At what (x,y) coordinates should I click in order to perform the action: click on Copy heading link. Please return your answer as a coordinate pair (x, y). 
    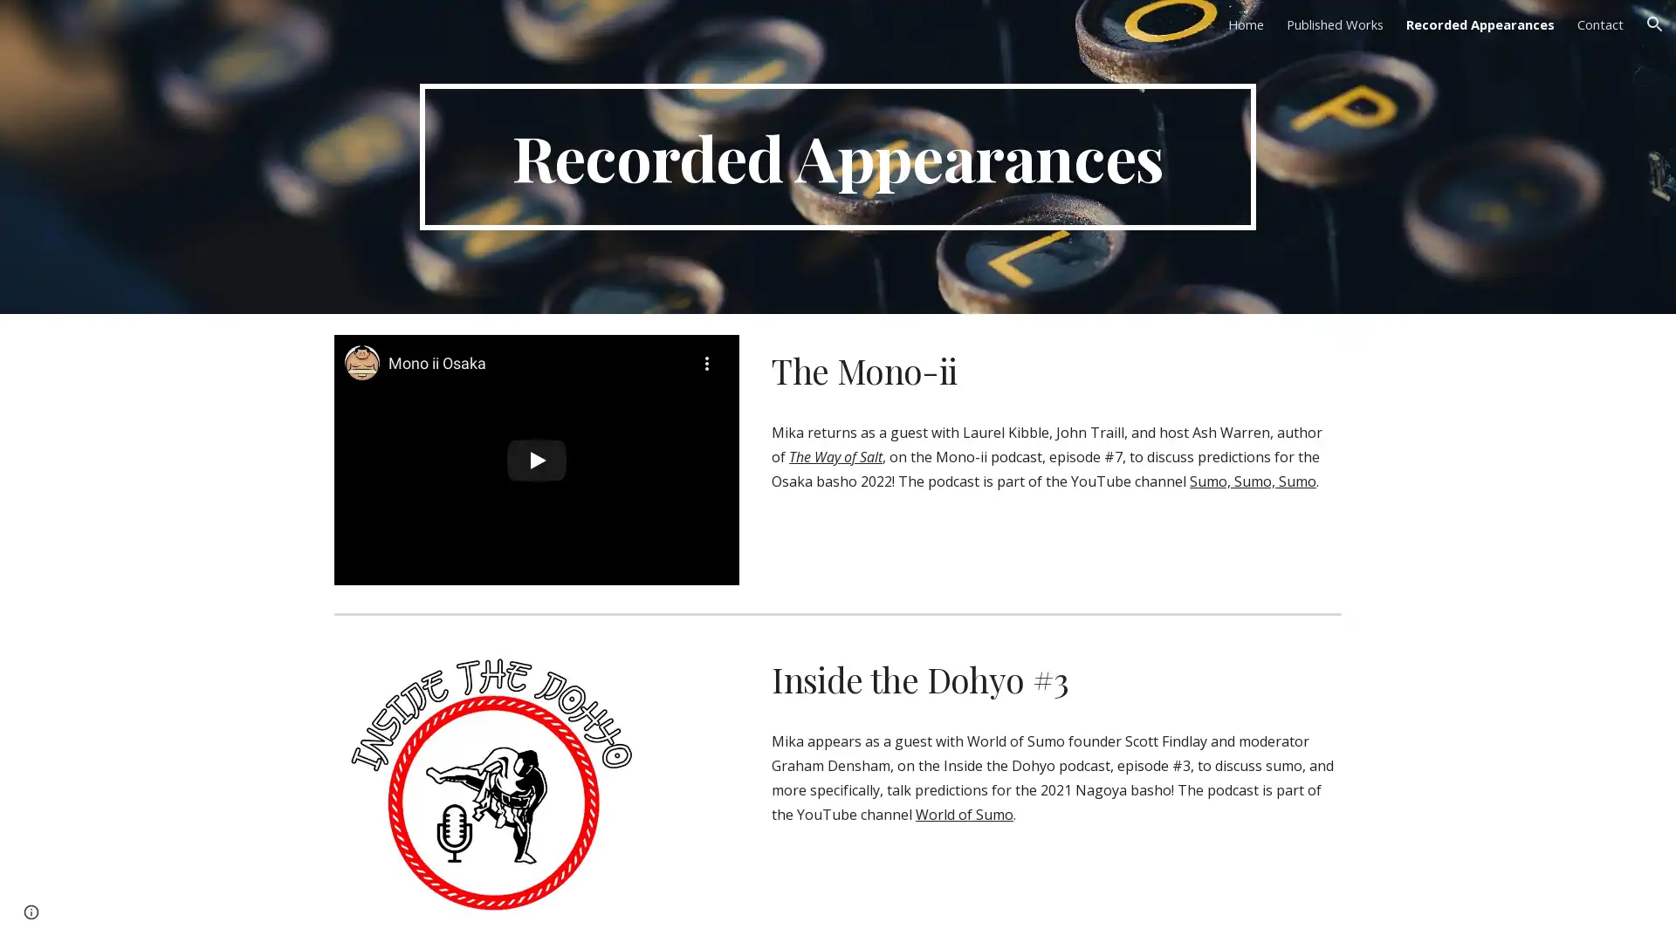
    Looking at the image, I should click on (1088, 679).